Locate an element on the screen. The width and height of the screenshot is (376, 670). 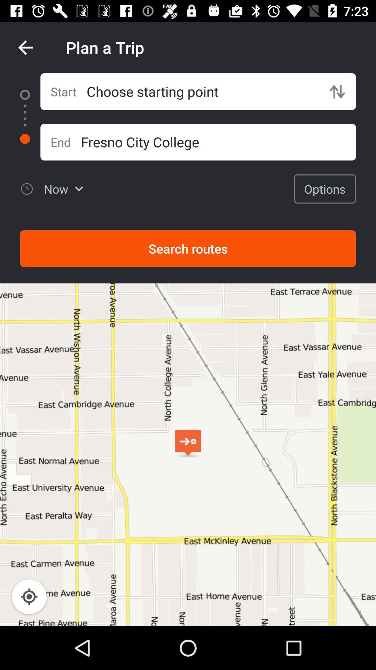
the fresno city college icon is located at coordinates (218, 141).